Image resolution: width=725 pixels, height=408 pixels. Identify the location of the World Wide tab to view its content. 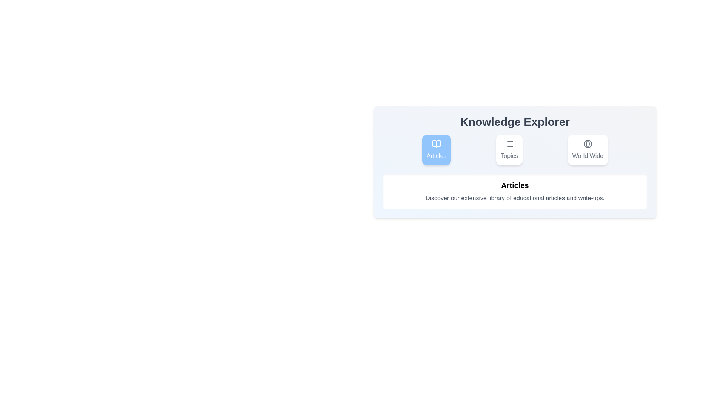
(587, 150).